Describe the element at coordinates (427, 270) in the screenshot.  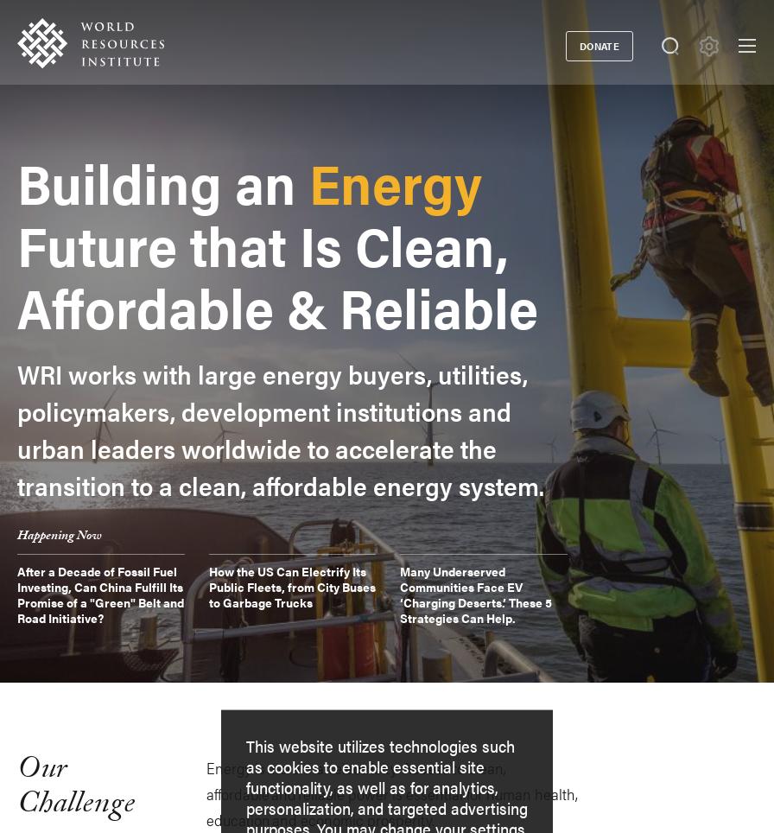
I see `'About Us'` at that location.